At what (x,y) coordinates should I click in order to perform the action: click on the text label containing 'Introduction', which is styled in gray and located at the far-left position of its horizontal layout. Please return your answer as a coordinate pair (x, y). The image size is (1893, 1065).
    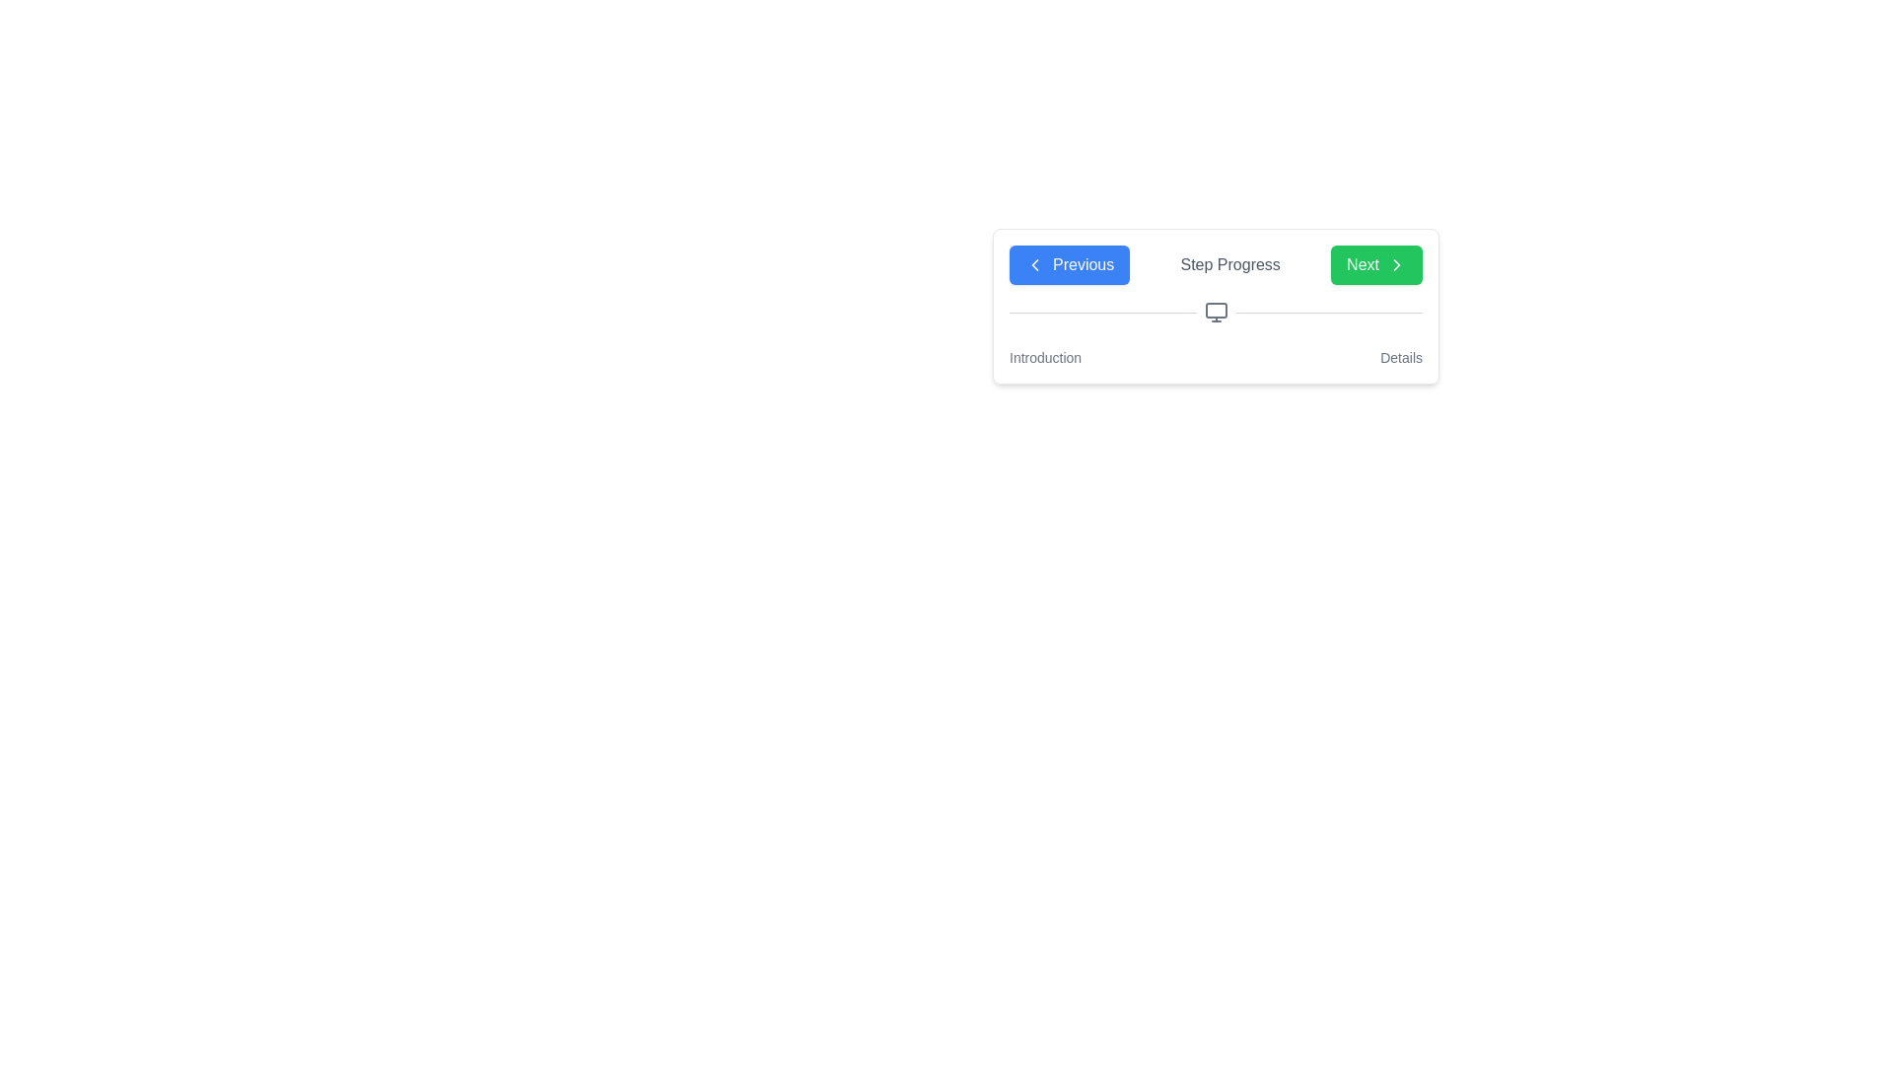
    Looking at the image, I should click on (1044, 357).